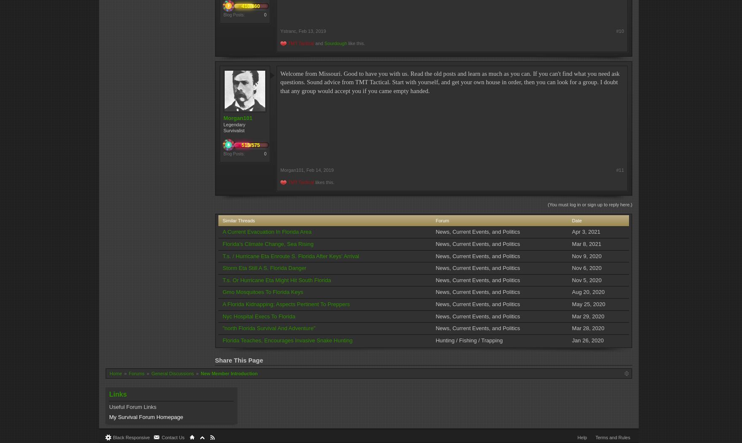 Image resolution: width=742 pixels, height=443 pixels. I want to click on '515/575', so click(250, 144).